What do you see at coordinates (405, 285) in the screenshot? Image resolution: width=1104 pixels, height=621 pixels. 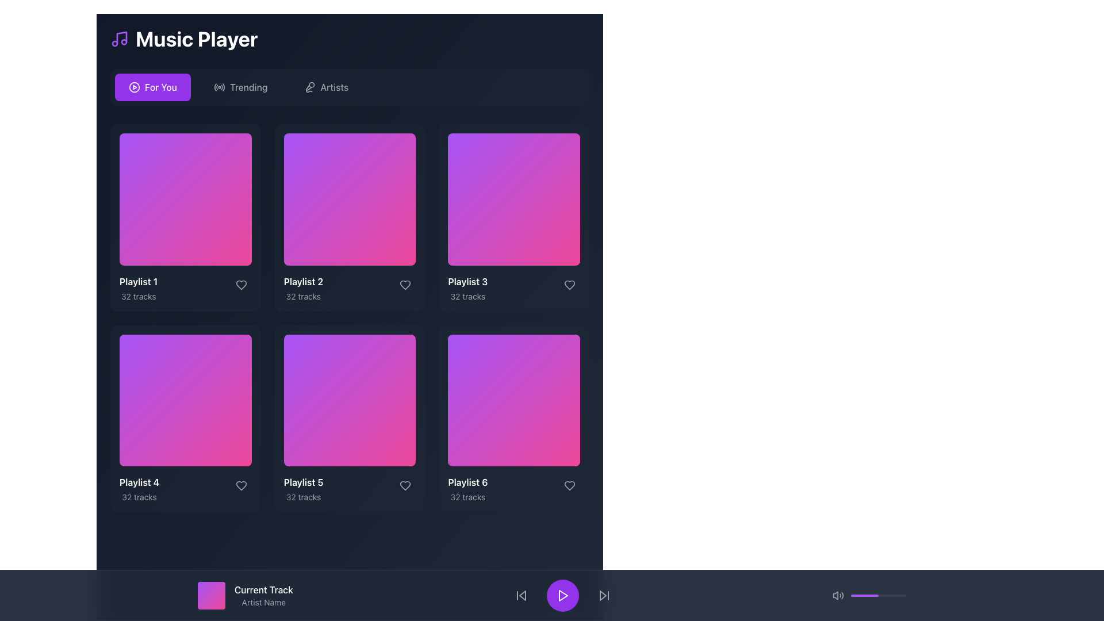 I see `the heart-shaped button associated with 'Playlist 2'` at bounding box center [405, 285].